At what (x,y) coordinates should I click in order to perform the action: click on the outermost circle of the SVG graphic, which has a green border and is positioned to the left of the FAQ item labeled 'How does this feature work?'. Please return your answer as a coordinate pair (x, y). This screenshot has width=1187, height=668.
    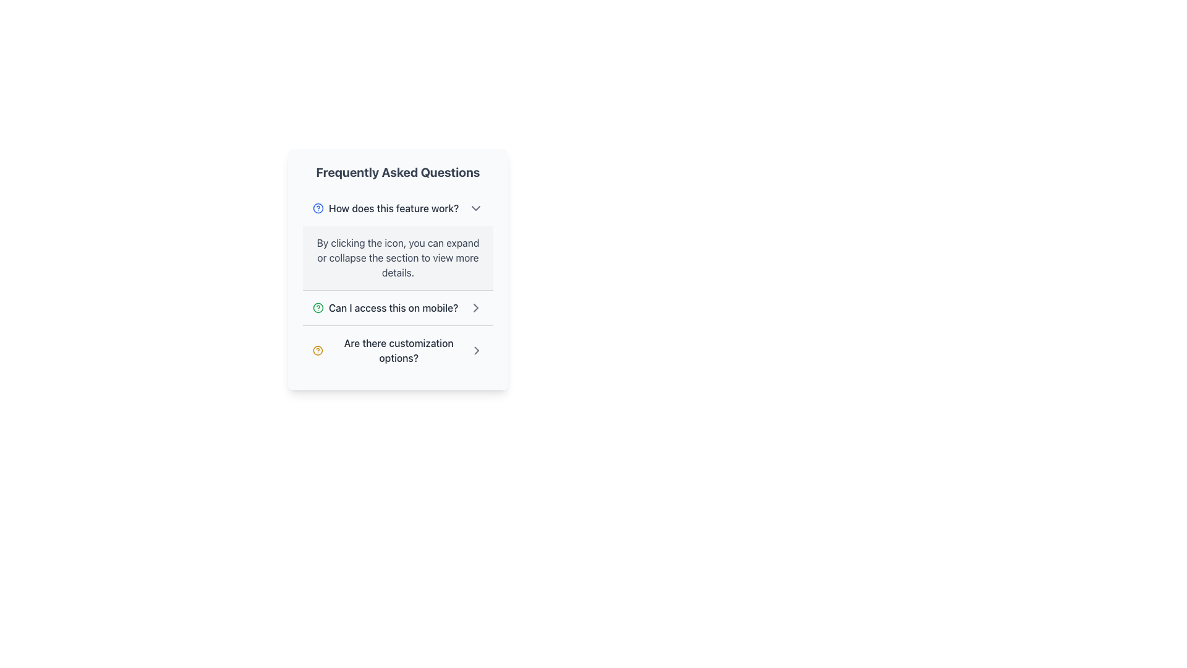
    Looking at the image, I should click on (318, 307).